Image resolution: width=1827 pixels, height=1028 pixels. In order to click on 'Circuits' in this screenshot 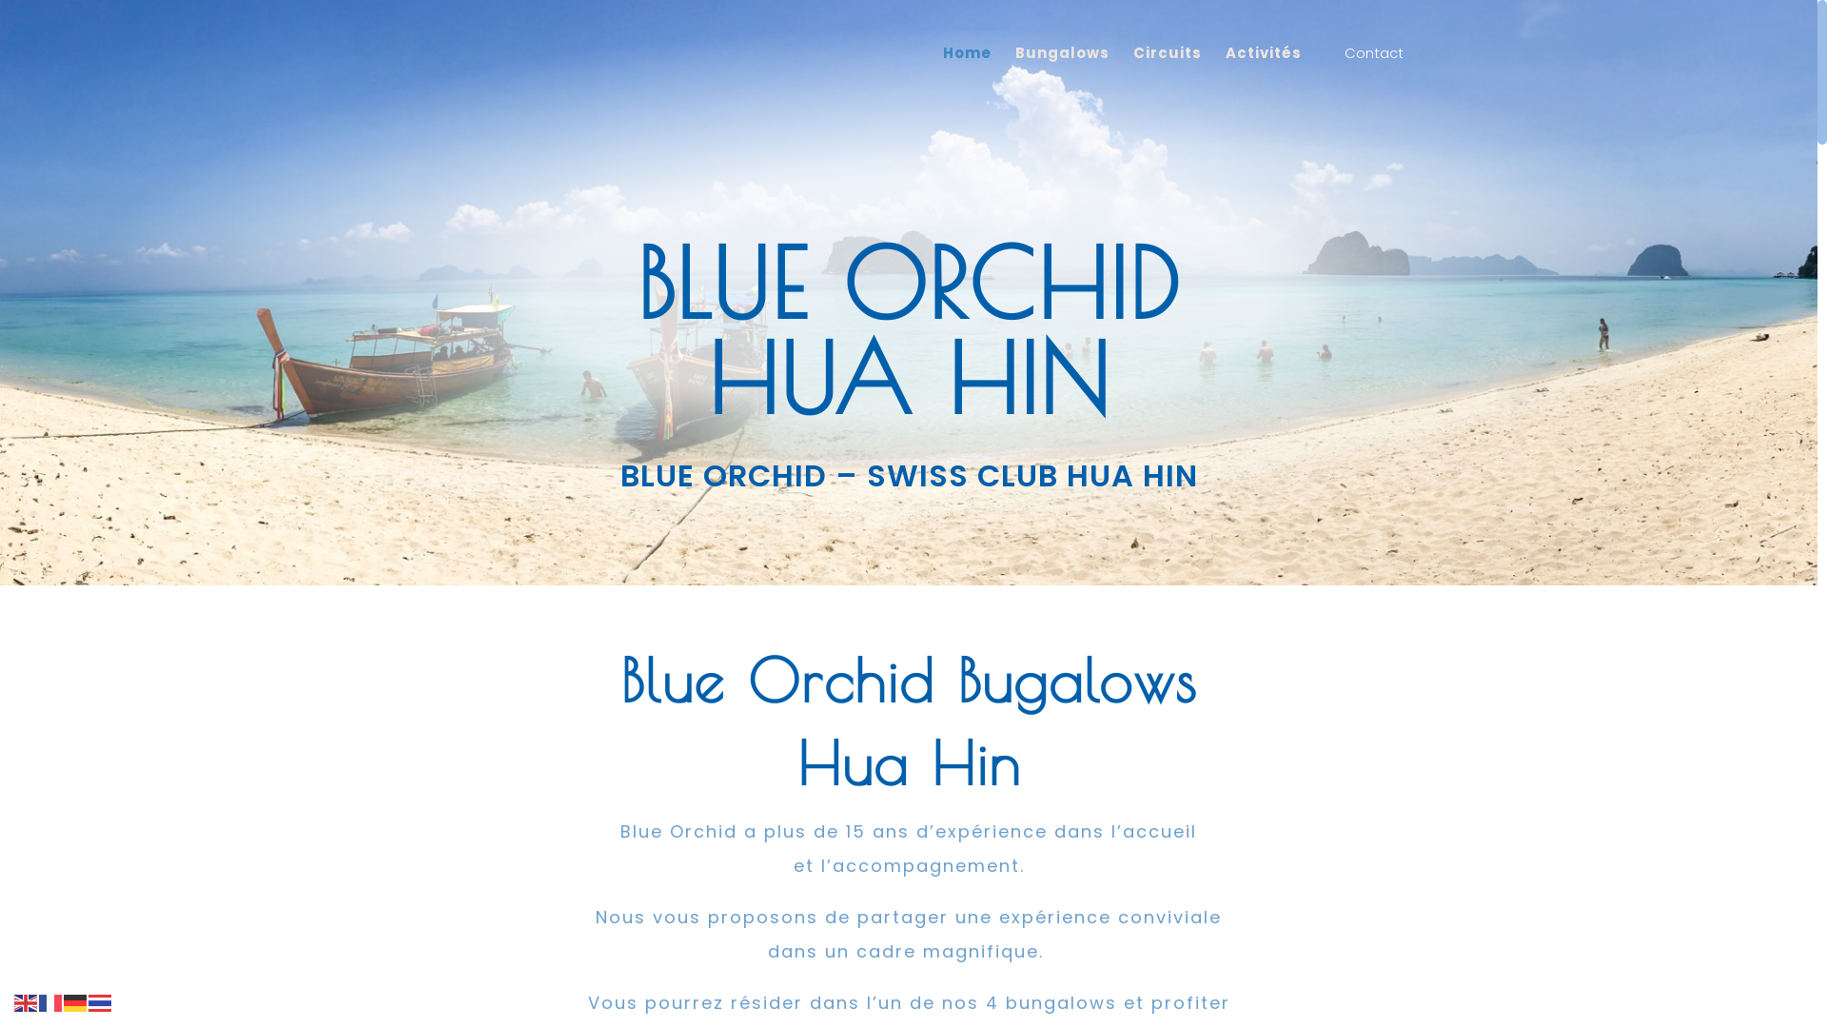, I will do `click(1132, 65)`.